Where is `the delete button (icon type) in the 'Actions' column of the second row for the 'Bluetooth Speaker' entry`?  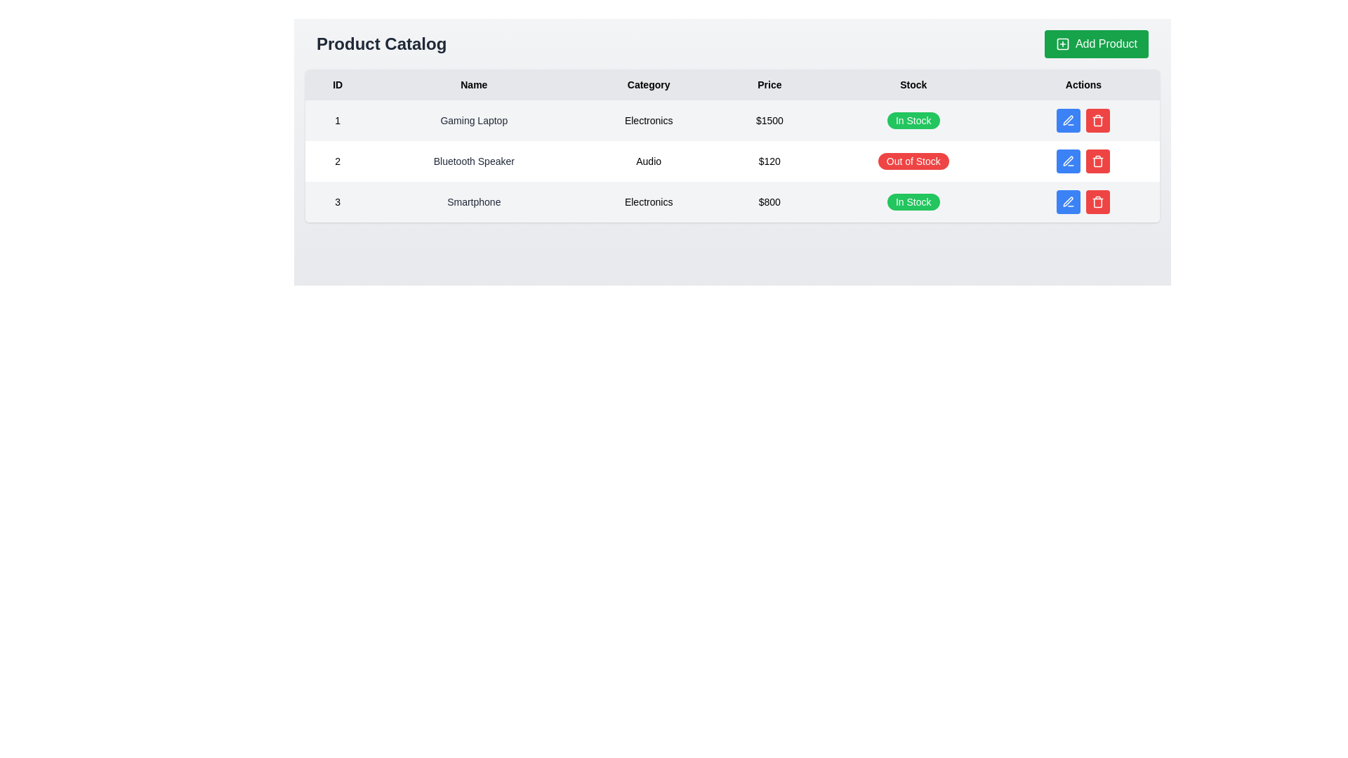
the delete button (icon type) in the 'Actions' column of the second row for the 'Bluetooth Speaker' entry is located at coordinates (1097, 161).